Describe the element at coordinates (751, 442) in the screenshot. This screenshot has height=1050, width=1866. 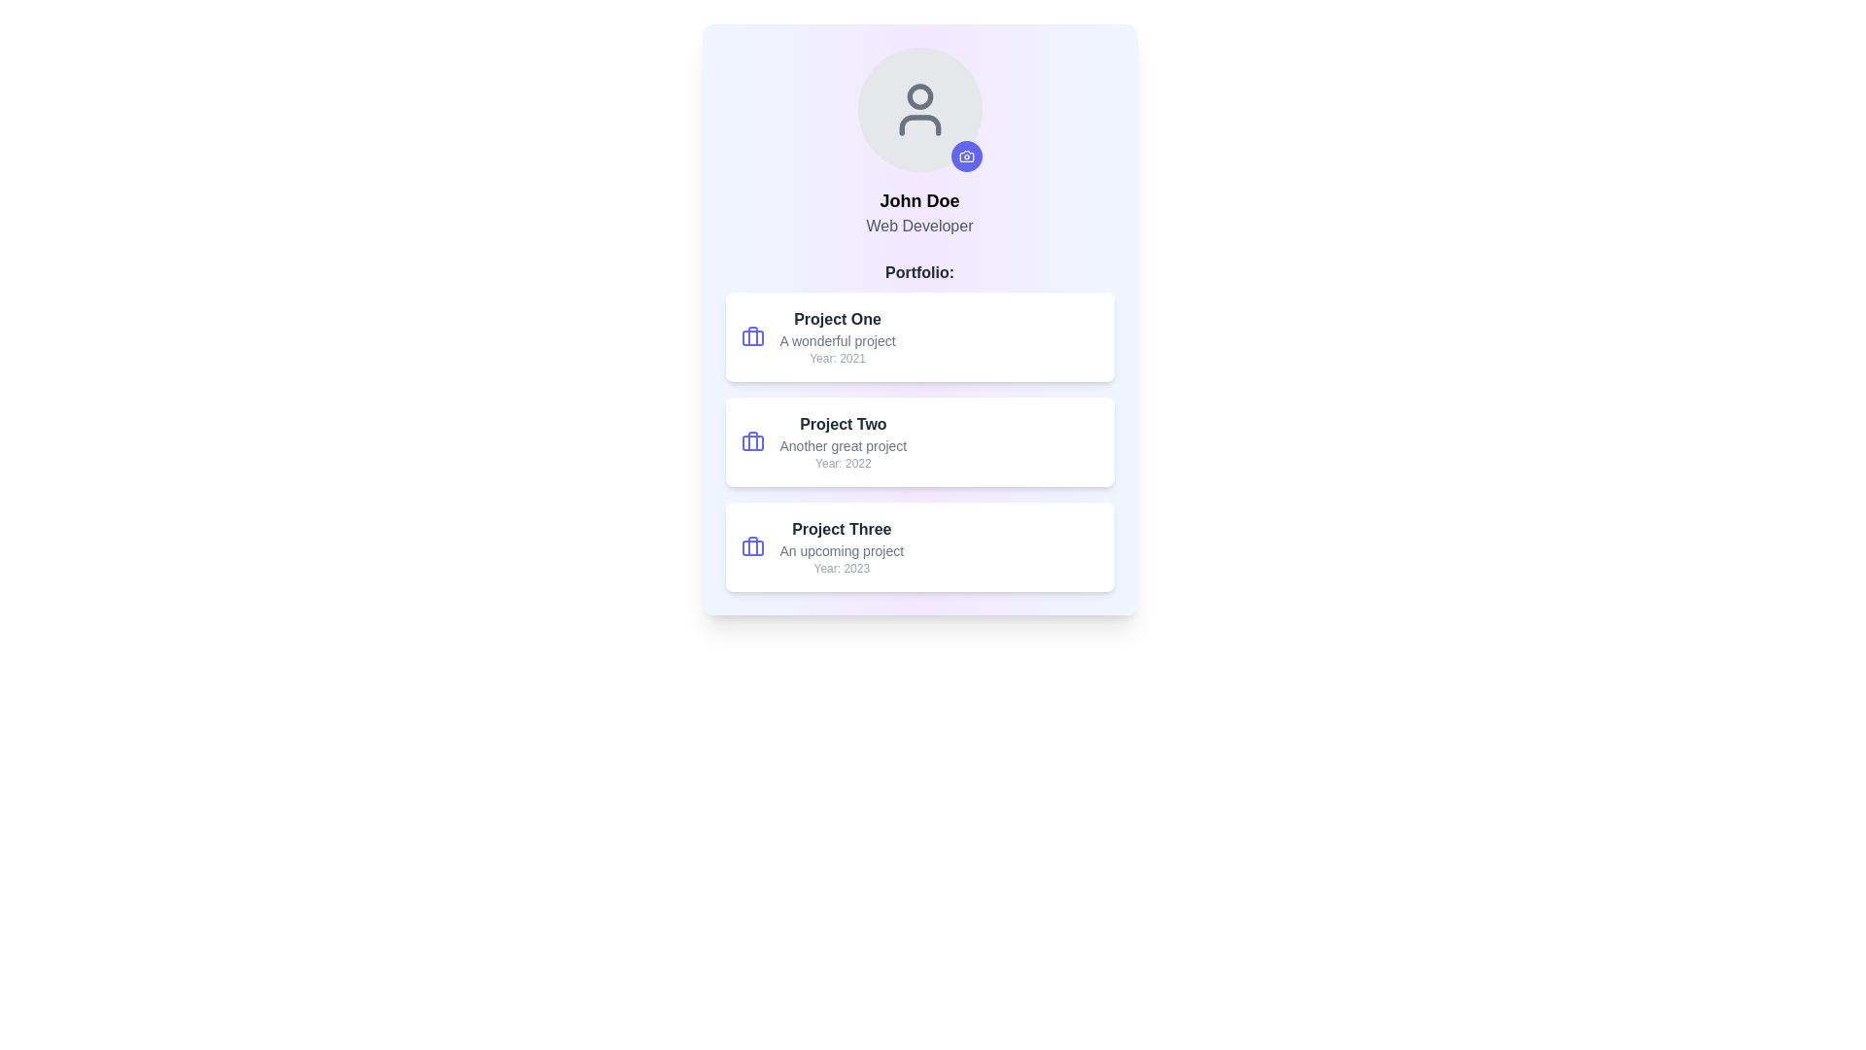
I see `the graphical background of the briefcase icon representing 'Project Two' in the portfolio list` at that location.